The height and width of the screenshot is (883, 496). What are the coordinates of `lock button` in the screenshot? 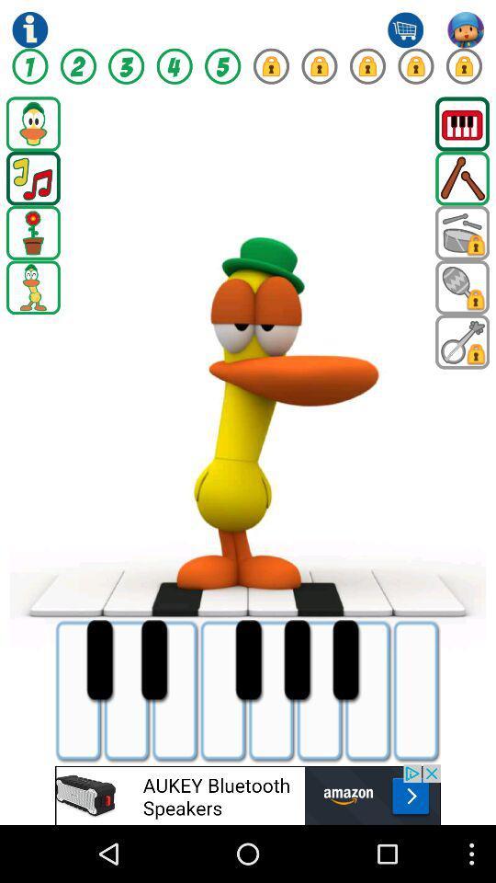 It's located at (415, 66).